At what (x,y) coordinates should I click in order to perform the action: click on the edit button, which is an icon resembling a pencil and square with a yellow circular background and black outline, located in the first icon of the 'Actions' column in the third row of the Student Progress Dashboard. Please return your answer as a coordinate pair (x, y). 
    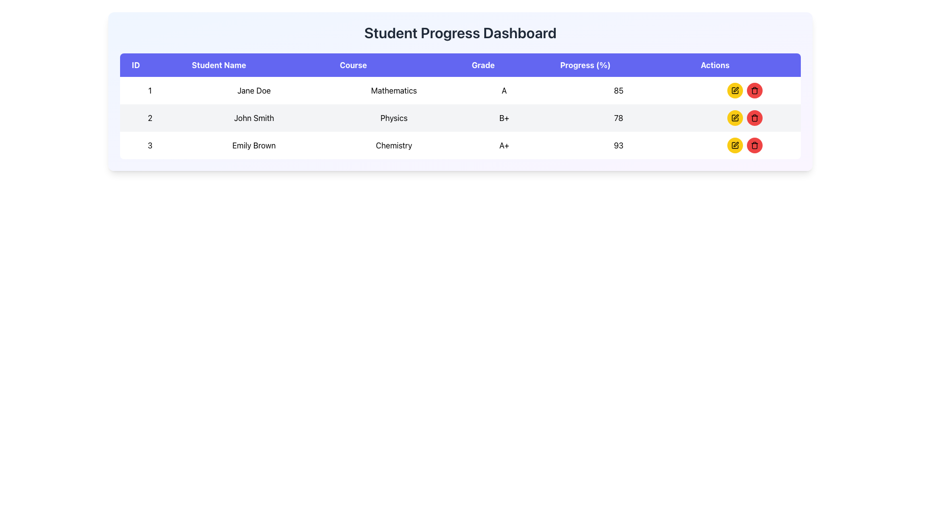
    Looking at the image, I should click on (735, 145).